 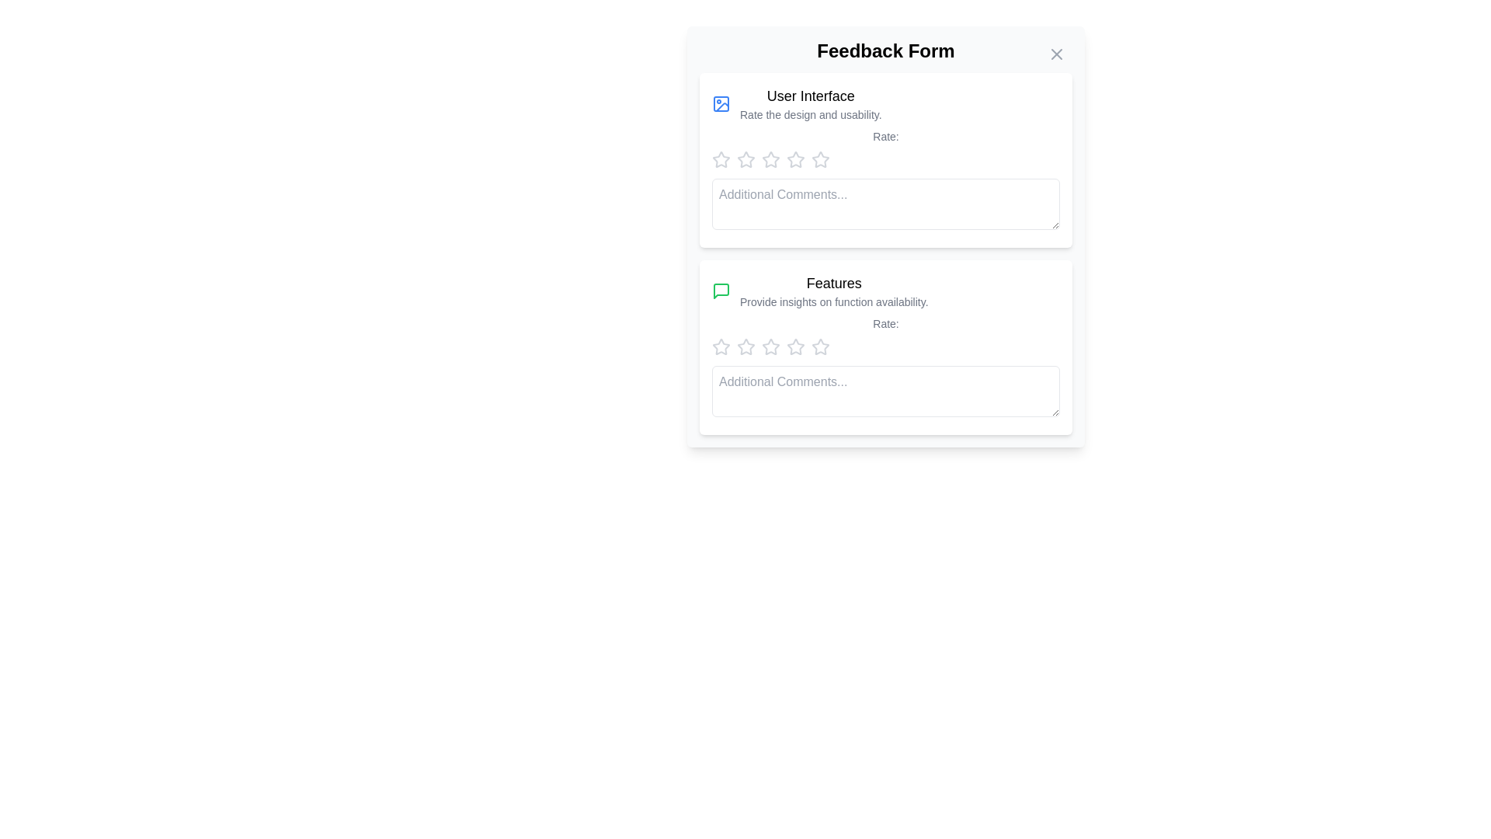 I want to click on the third star icon, so click(x=794, y=158).